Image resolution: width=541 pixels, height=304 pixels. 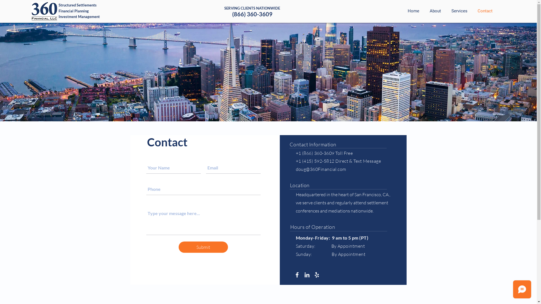 What do you see at coordinates (77, 5) in the screenshot?
I see `'Structured Settlements'` at bounding box center [77, 5].